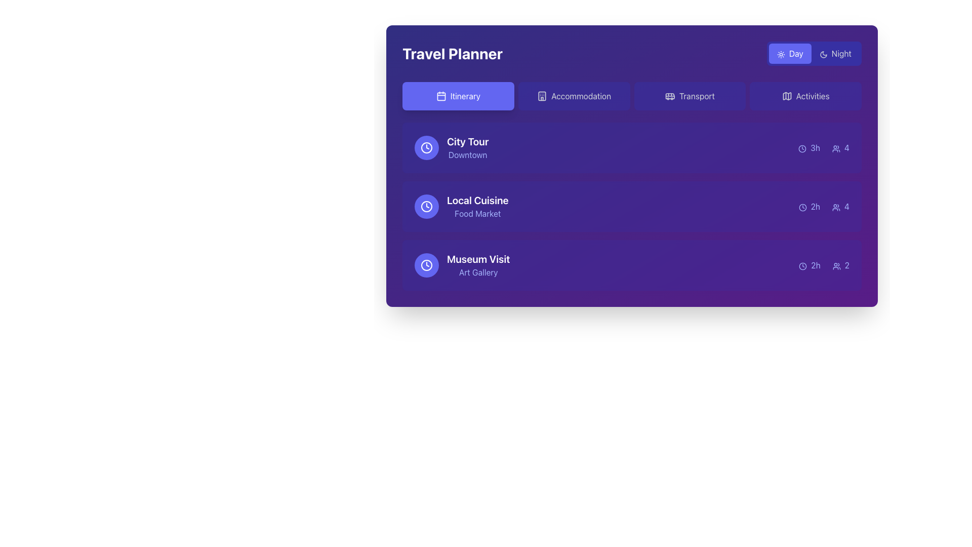 The image size is (972, 547). What do you see at coordinates (427, 206) in the screenshot?
I see `the decorative circular button with a purple background and a white clock icon, located to the immediate left of the 'Local Cuisine' text in the 'Travel Planner' section` at bounding box center [427, 206].